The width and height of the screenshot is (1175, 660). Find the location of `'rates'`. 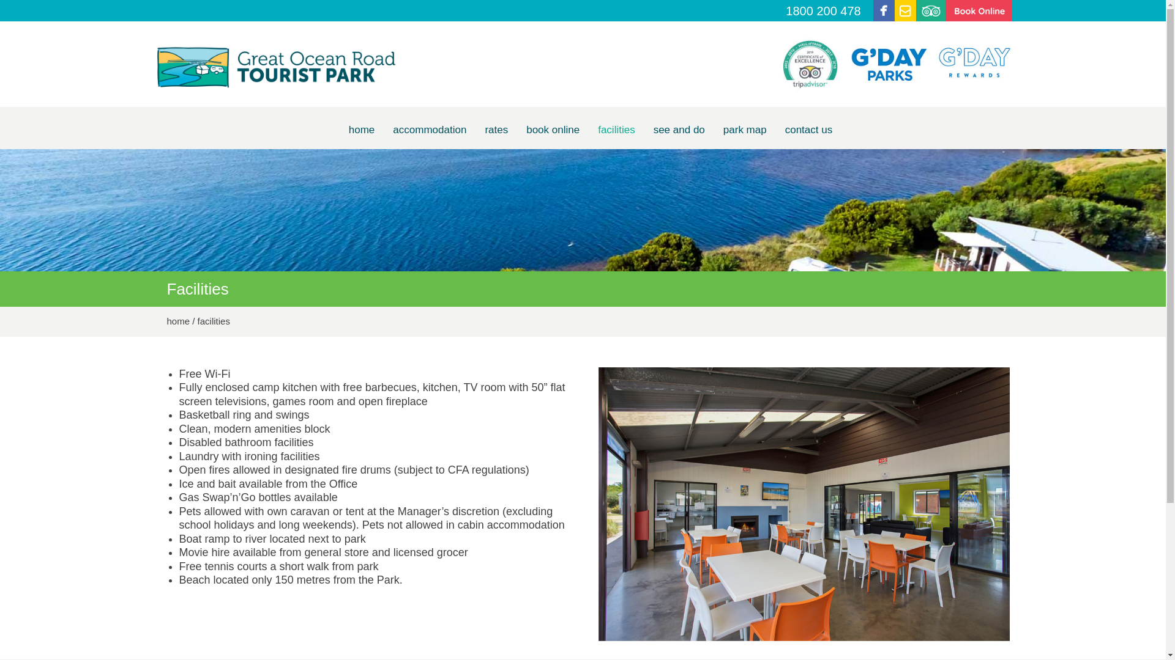

'rates' is located at coordinates (484, 130).